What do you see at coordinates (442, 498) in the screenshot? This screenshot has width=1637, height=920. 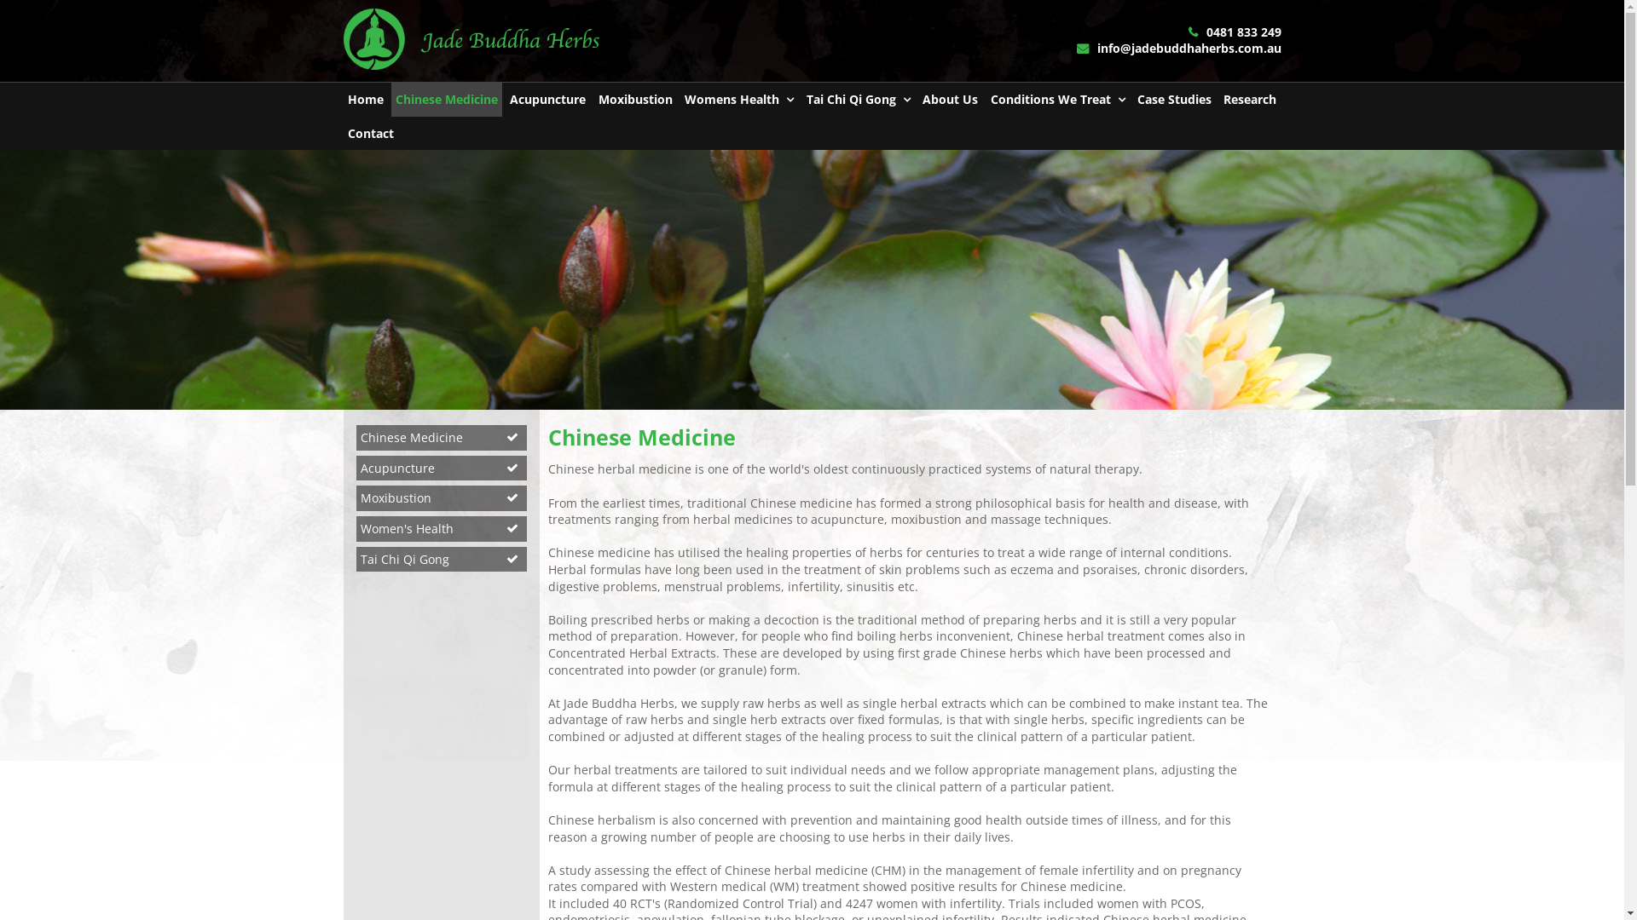 I see `'Moxibustion'` at bounding box center [442, 498].